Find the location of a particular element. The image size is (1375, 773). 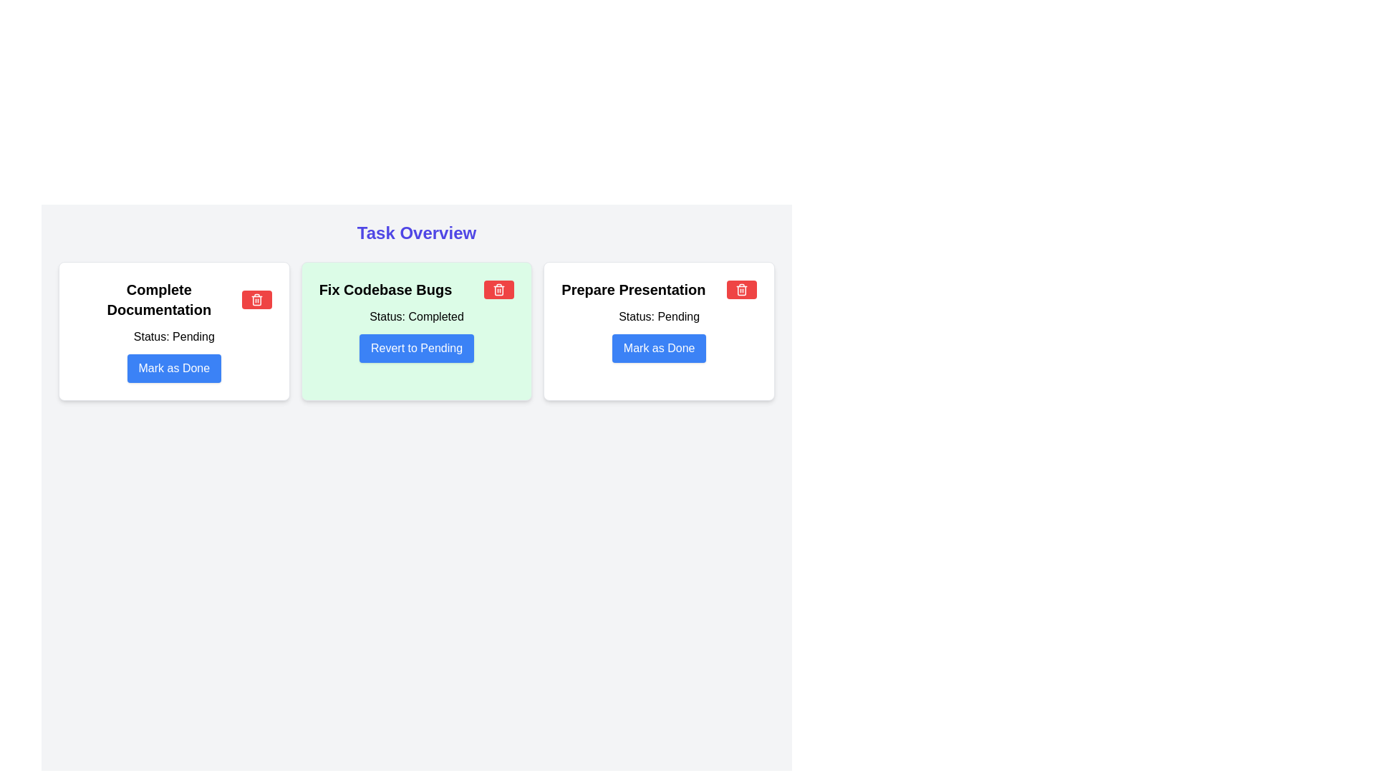

the button within the green card titled 'Fix Codebase Bugs' to revert the task status from 'Completed' to 'Pending' is located at coordinates (415, 348).